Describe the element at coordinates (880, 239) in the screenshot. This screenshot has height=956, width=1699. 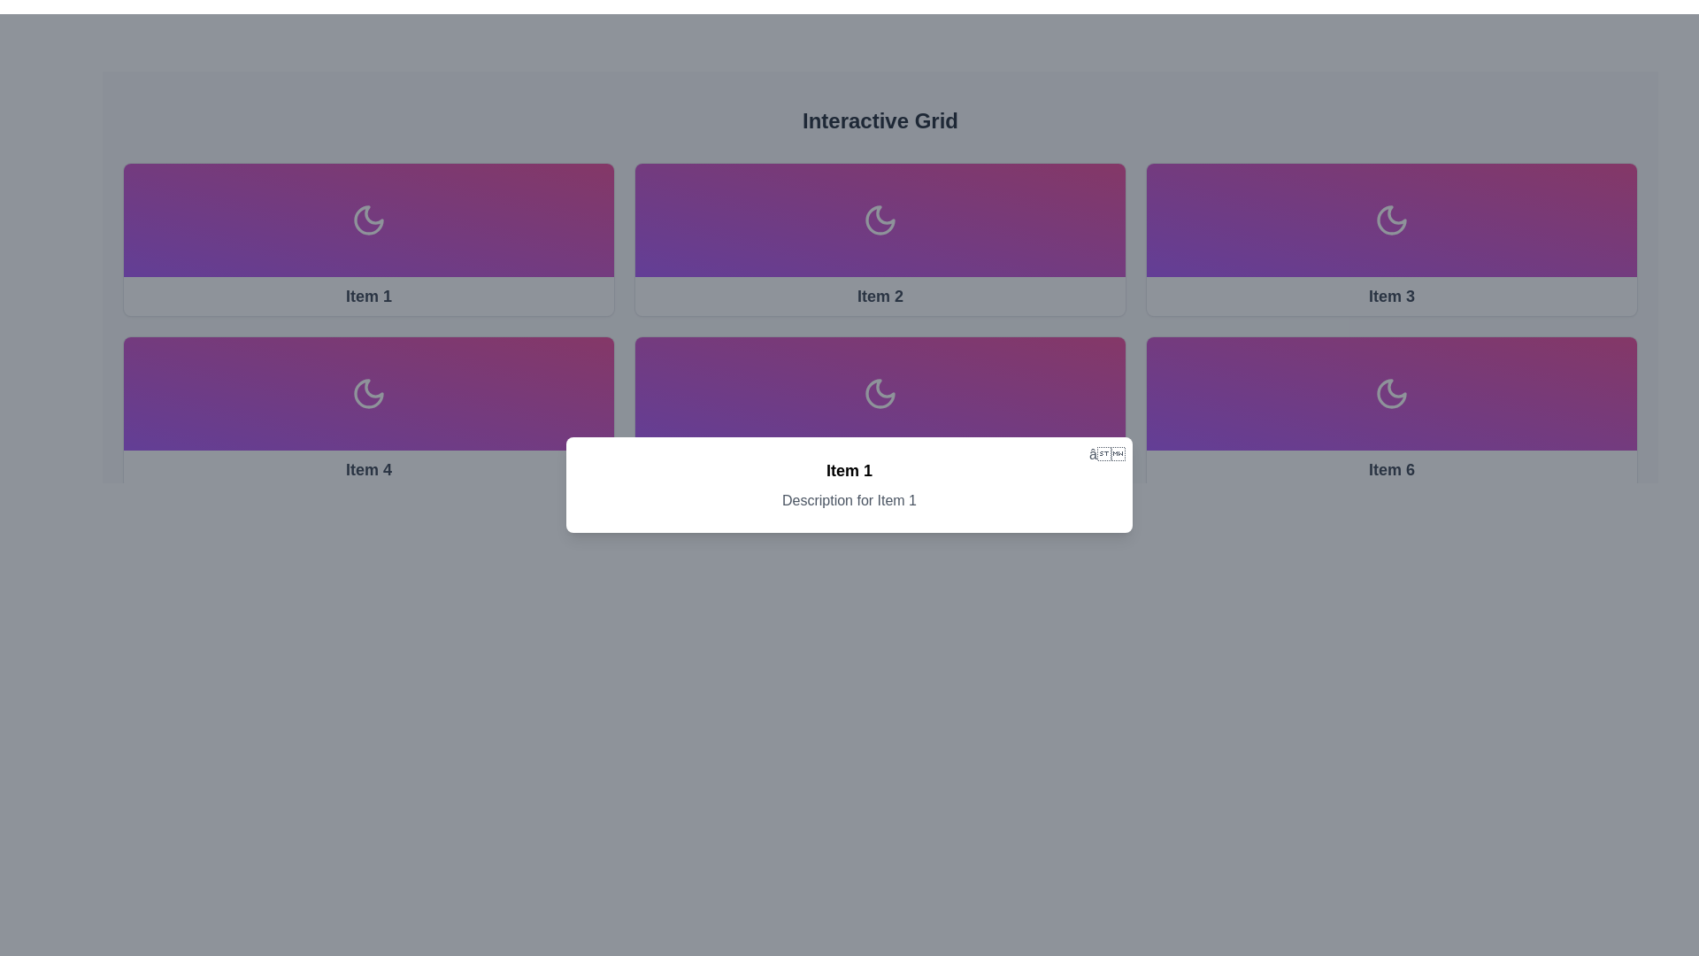
I see `the second card in the grid layout, which features a white moon icon and the text label 'Item 2' at the bottom` at that location.